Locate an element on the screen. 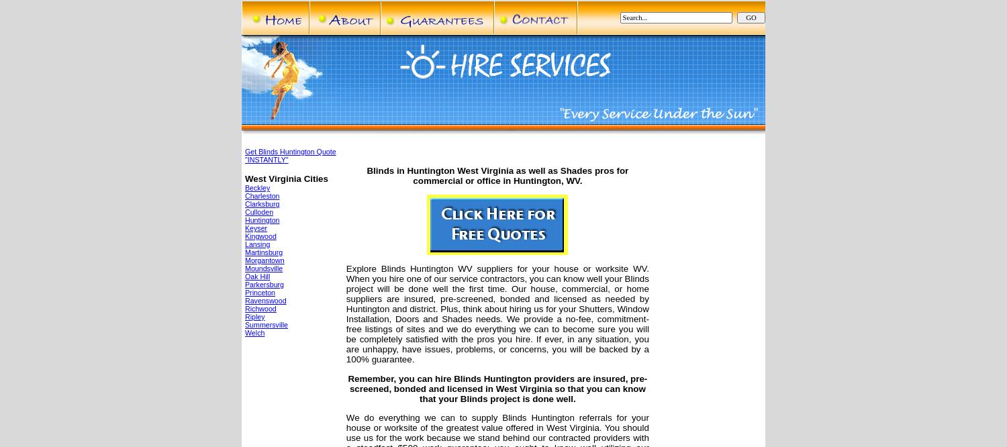 The height and width of the screenshot is (447, 1007). 'Charleston' is located at coordinates (262, 195).